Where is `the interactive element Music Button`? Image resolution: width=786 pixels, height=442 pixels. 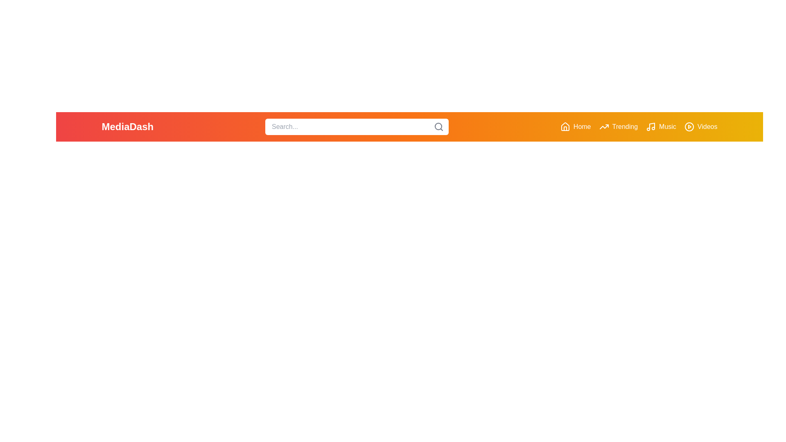
the interactive element Music Button is located at coordinates (661, 126).